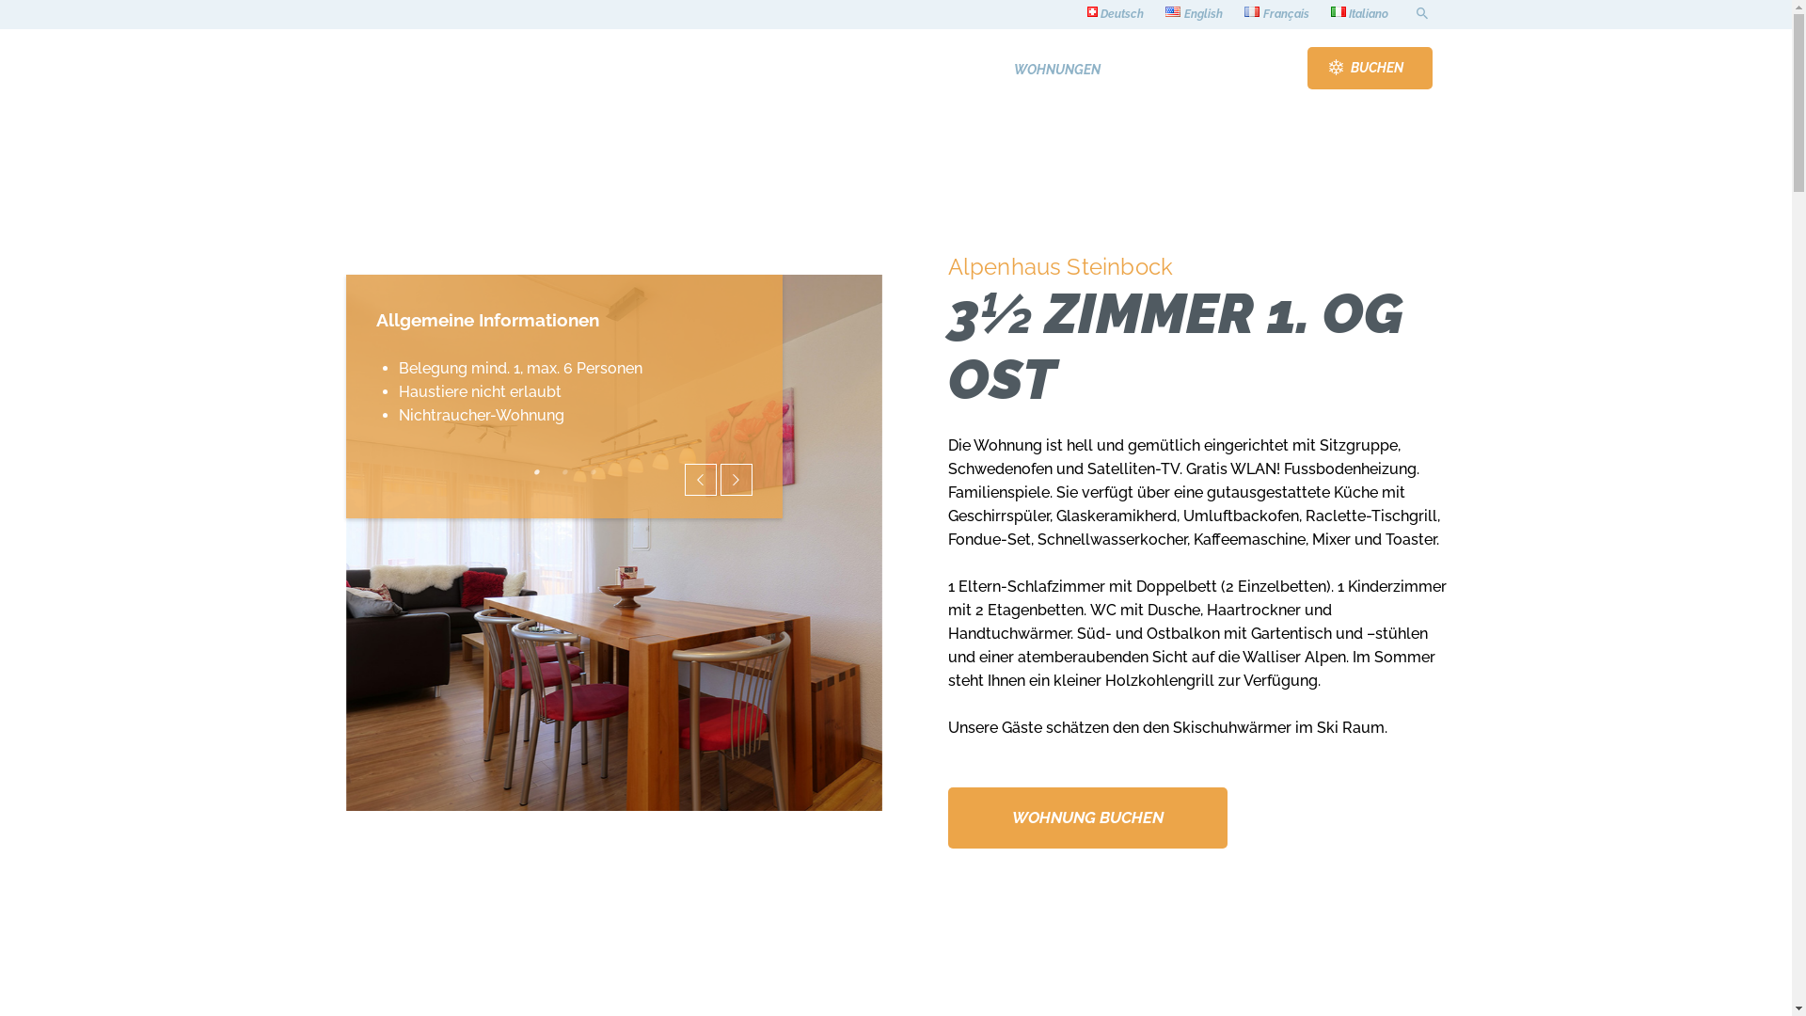 The height and width of the screenshot is (1016, 1806). What do you see at coordinates (563, 470) in the screenshot?
I see `'2'` at bounding box center [563, 470].